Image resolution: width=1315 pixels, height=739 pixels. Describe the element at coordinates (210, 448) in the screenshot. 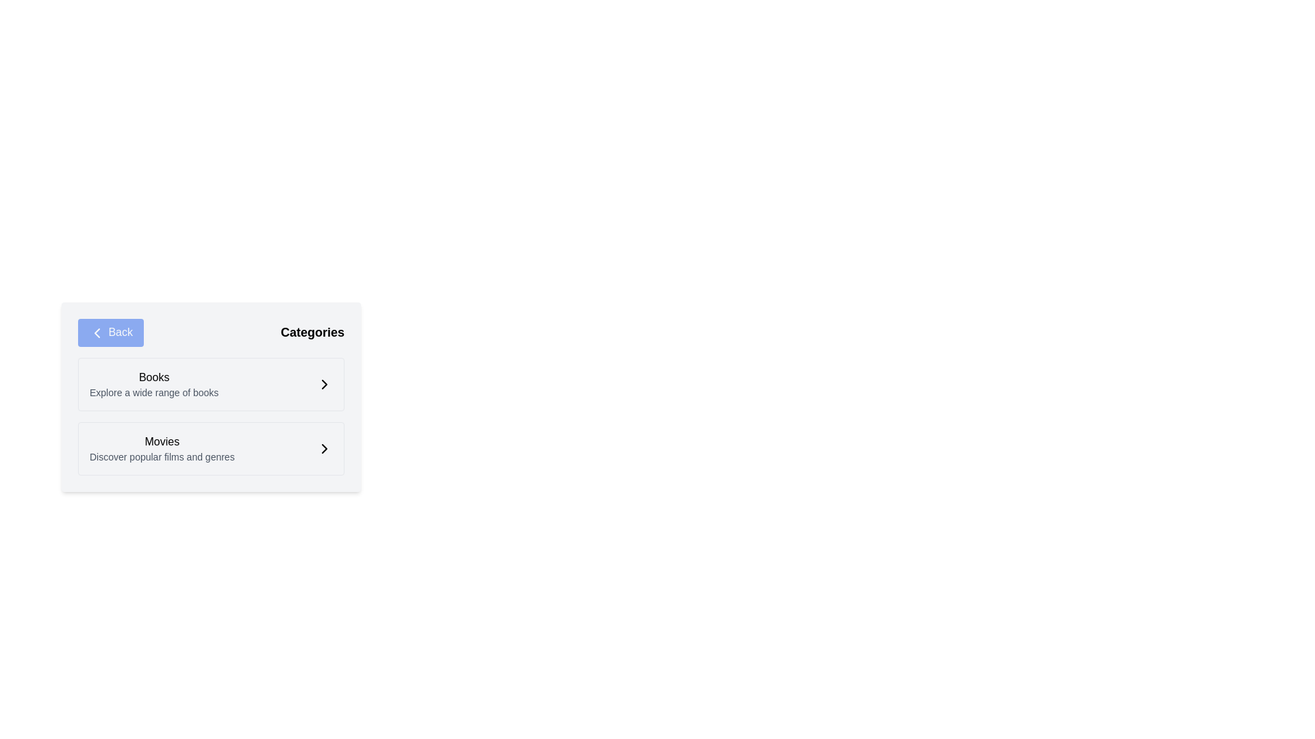

I see `the second item in the vertically stacked list of selectable options labeled 'Movies'` at that location.